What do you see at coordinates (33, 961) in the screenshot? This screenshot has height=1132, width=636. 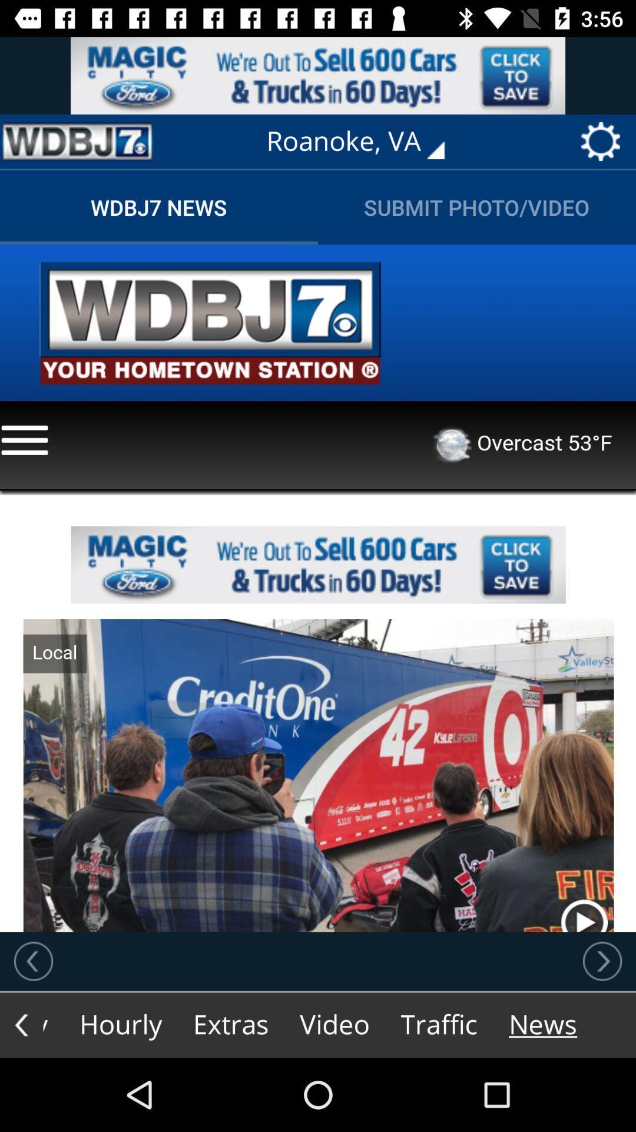 I see `go back` at bounding box center [33, 961].